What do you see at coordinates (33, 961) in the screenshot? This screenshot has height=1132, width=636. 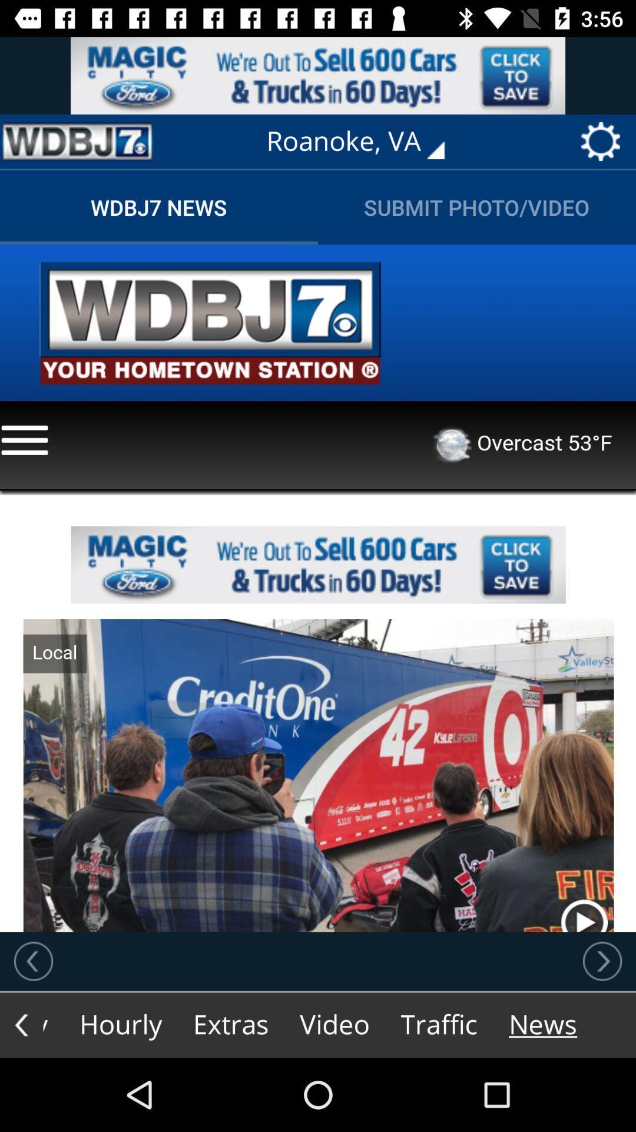 I see `go back` at bounding box center [33, 961].